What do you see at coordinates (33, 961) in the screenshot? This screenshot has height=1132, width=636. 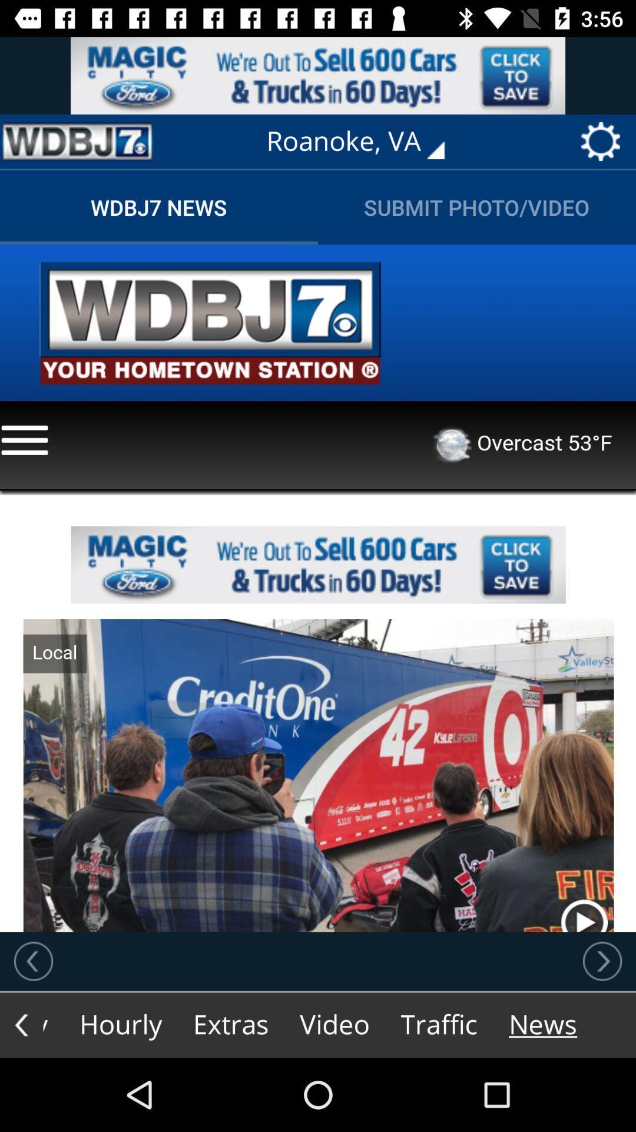 I see `go back` at bounding box center [33, 961].